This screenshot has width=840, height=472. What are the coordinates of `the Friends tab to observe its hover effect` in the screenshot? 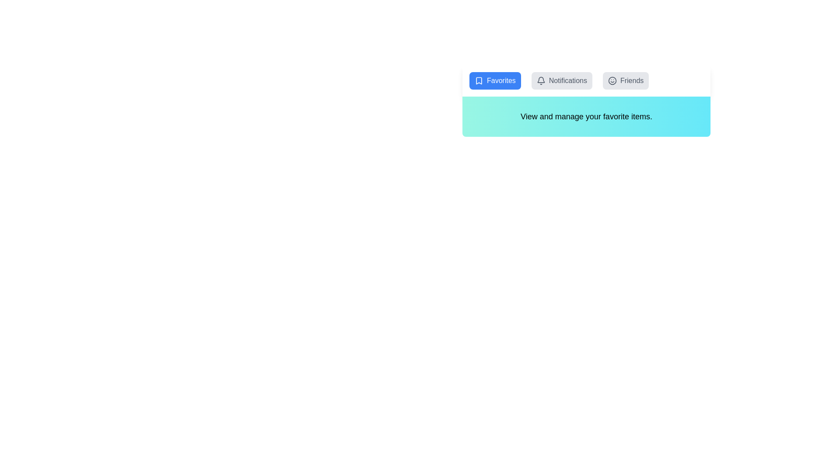 It's located at (625, 81).